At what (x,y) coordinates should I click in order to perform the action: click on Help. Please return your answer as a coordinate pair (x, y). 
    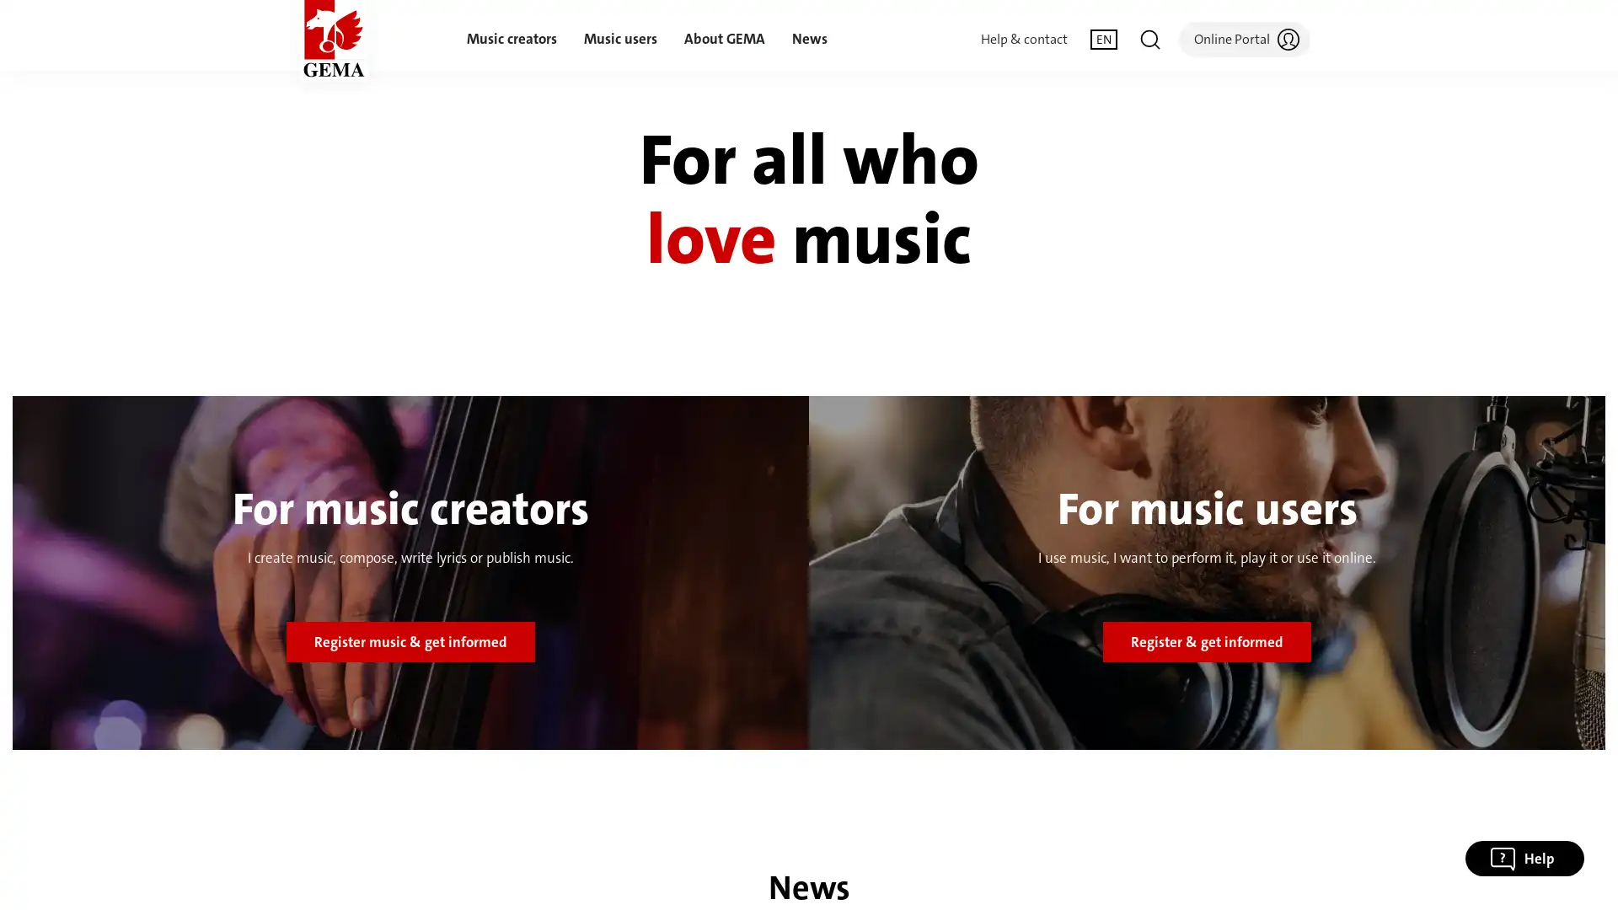
    Looking at the image, I should click on (1524, 858).